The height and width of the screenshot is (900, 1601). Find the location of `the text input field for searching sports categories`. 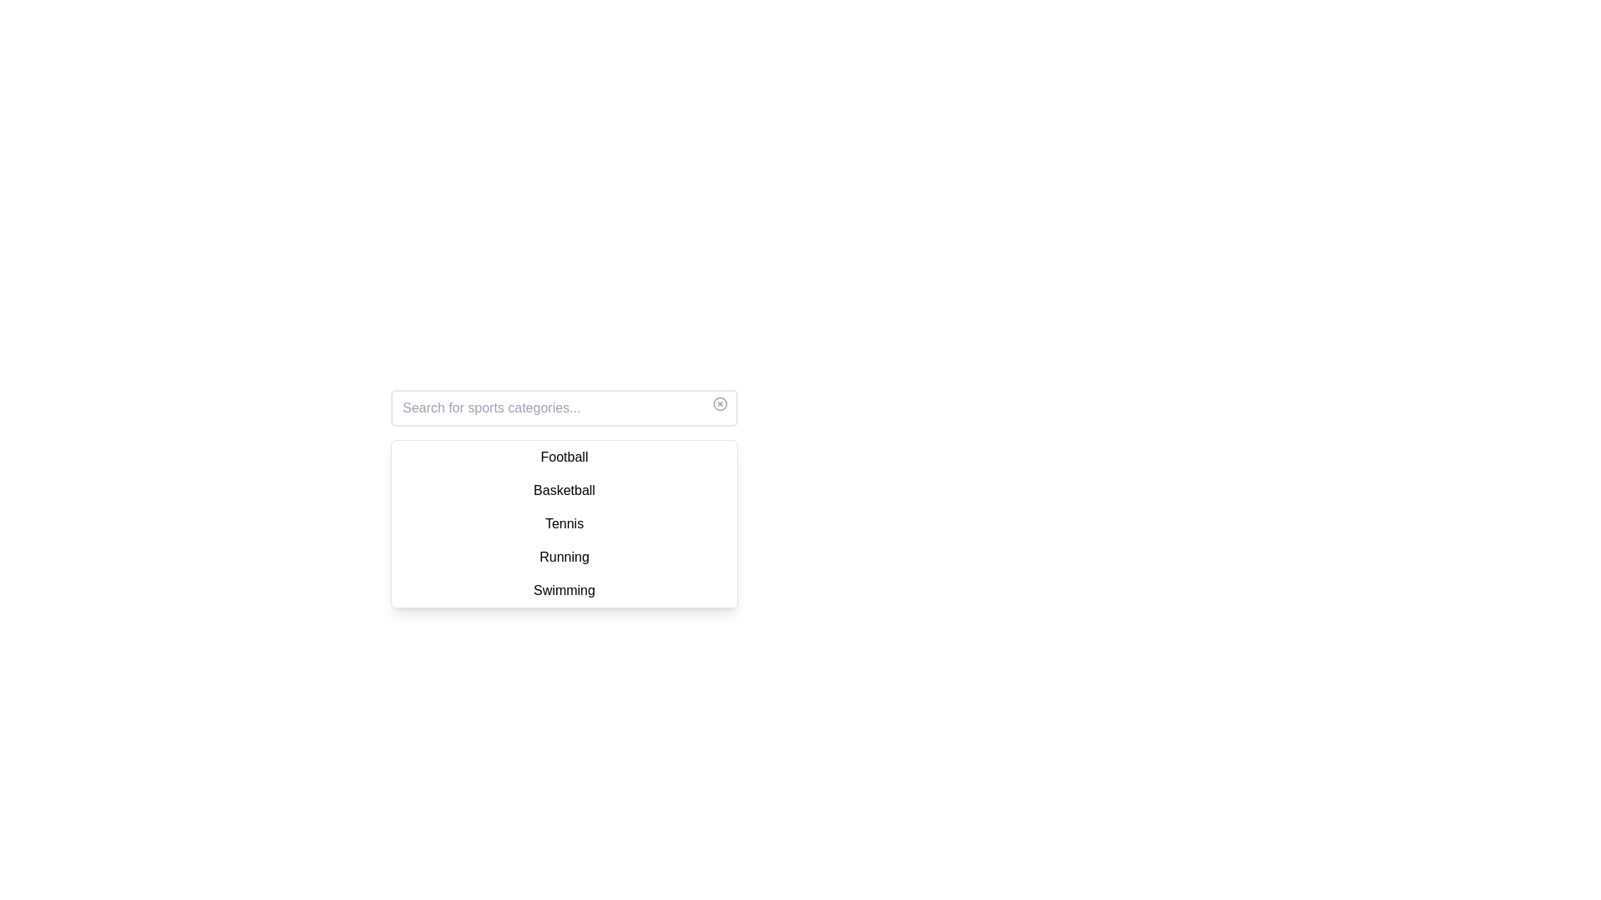

the text input field for searching sports categories is located at coordinates (564, 407).